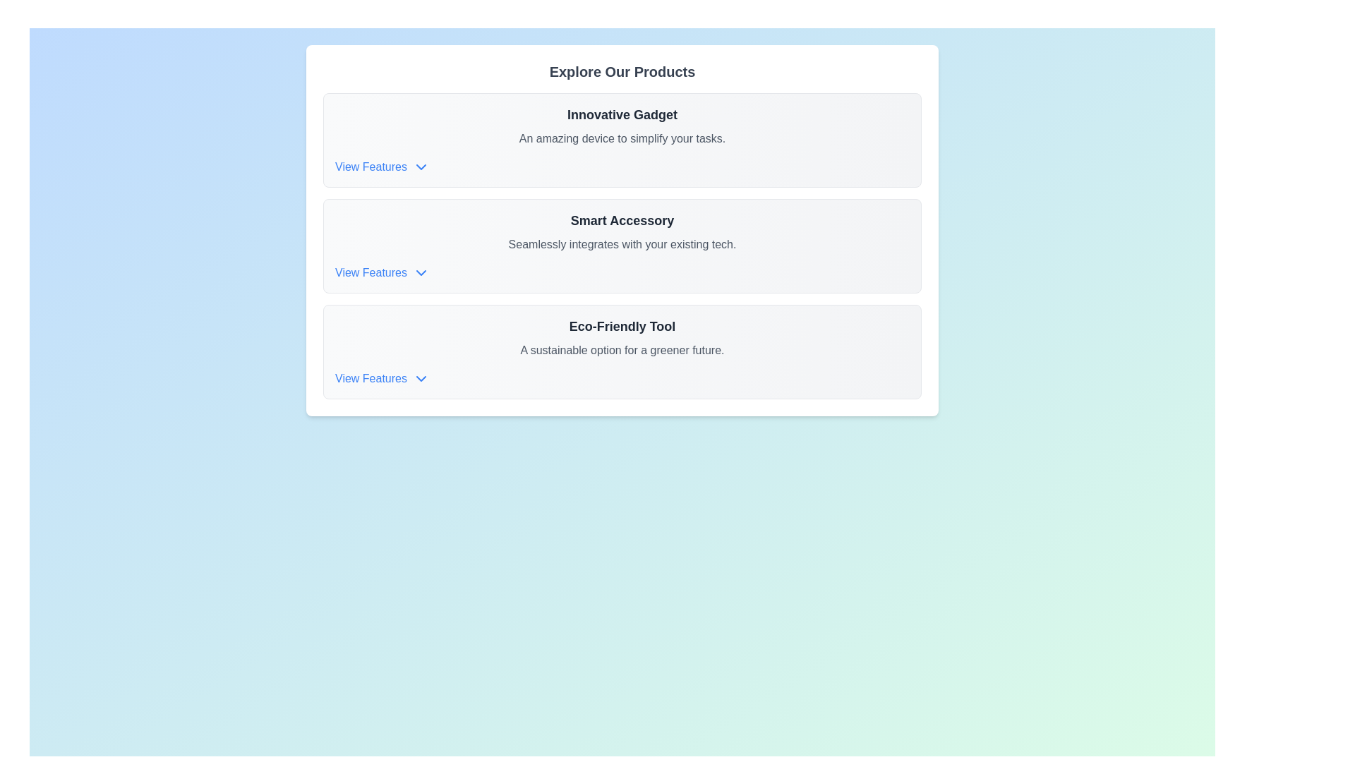 The image size is (1355, 762). I want to click on the downward-facing chevron icon located, so click(420, 166).